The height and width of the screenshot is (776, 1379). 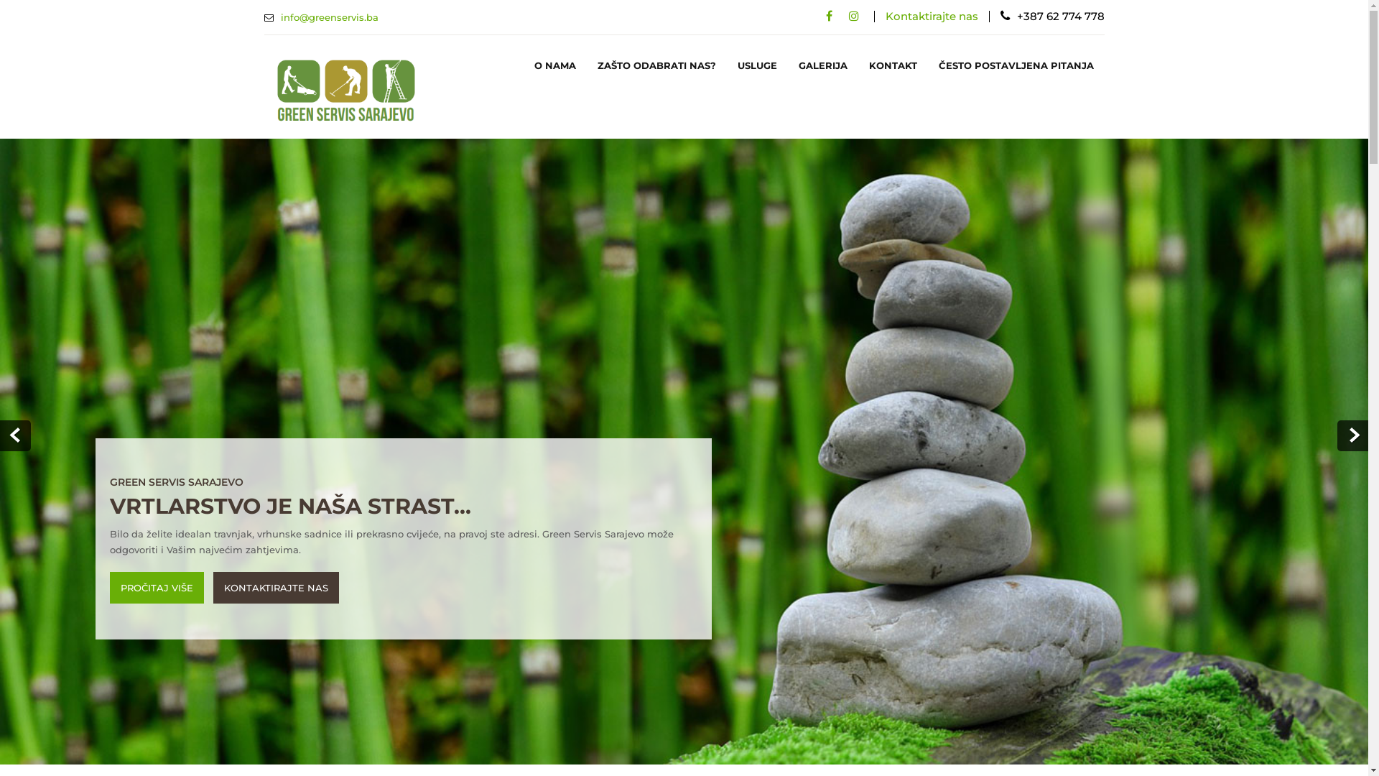 What do you see at coordinates (15, 435) in the screenshot?
I see `'Prev'` at bounding box center [15, 435].